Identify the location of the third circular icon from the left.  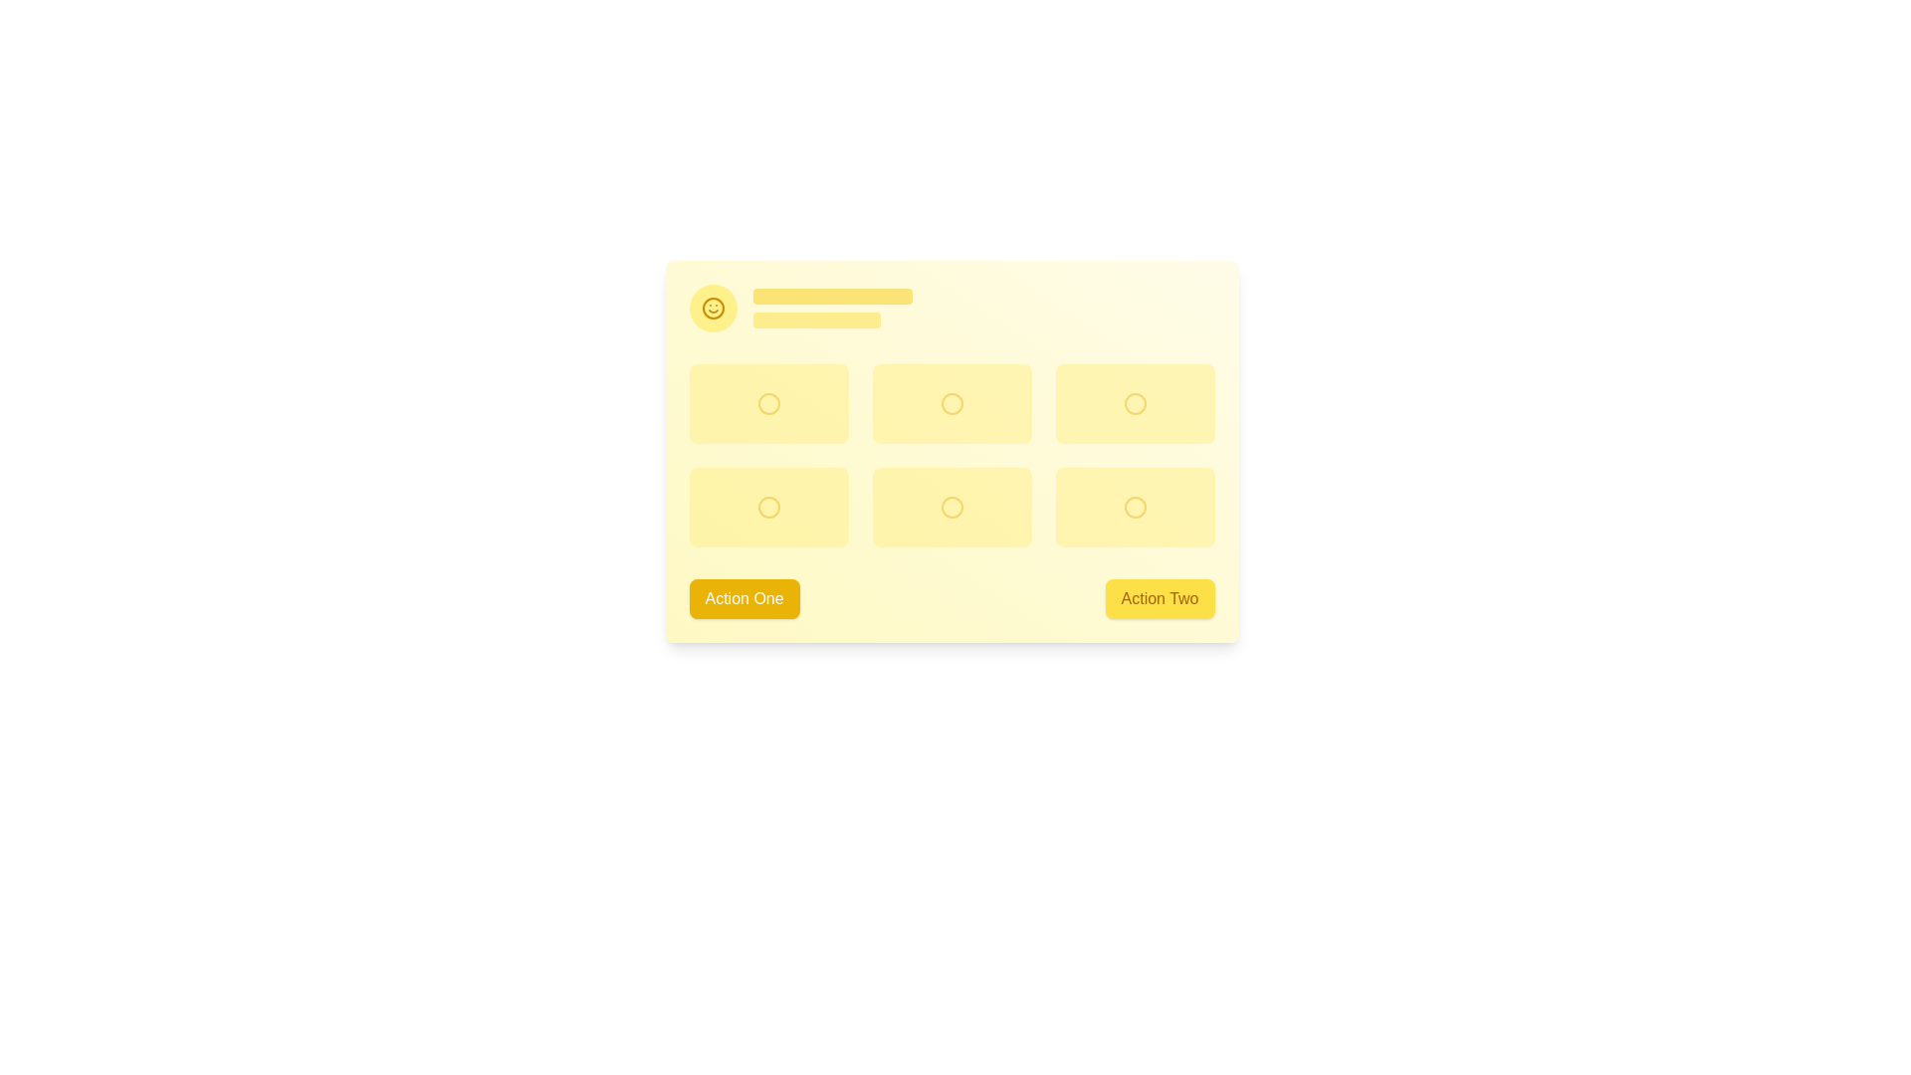
(1135, 403).